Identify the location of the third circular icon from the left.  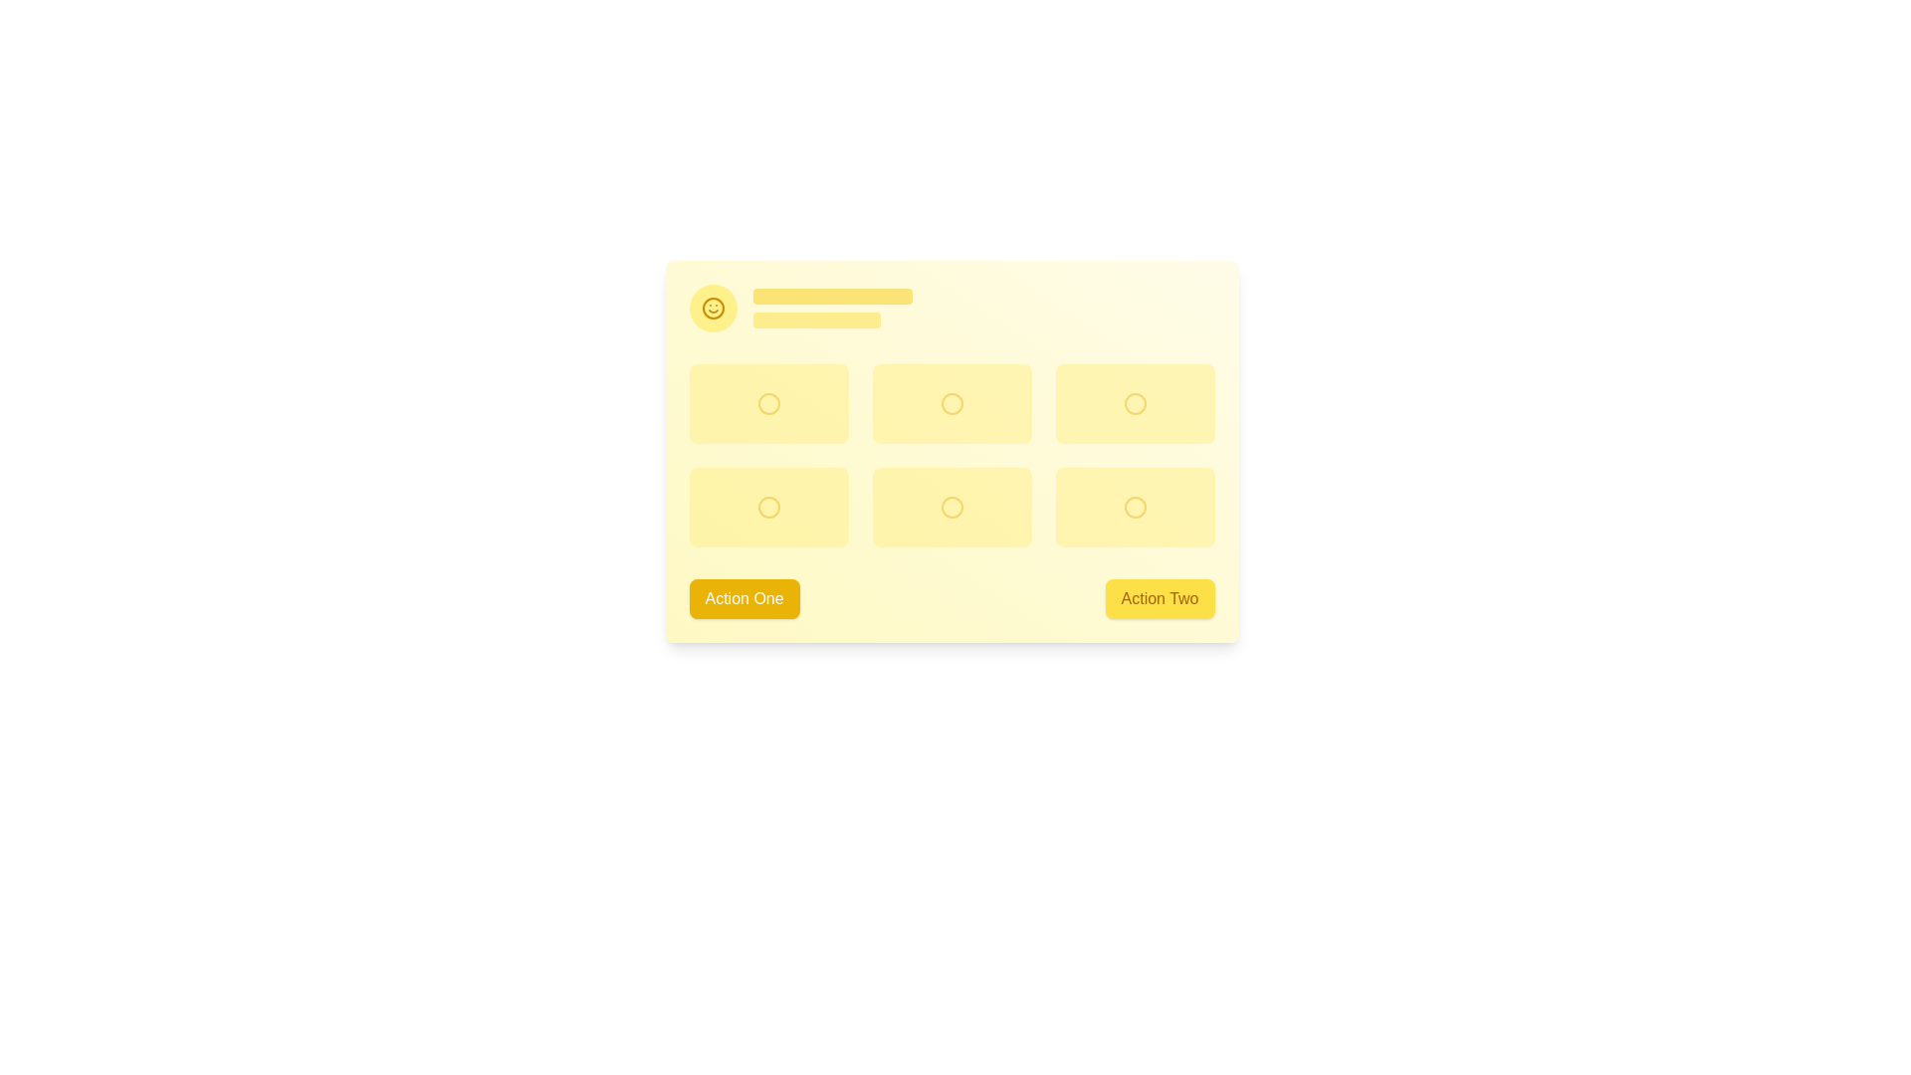
(1135, 403).